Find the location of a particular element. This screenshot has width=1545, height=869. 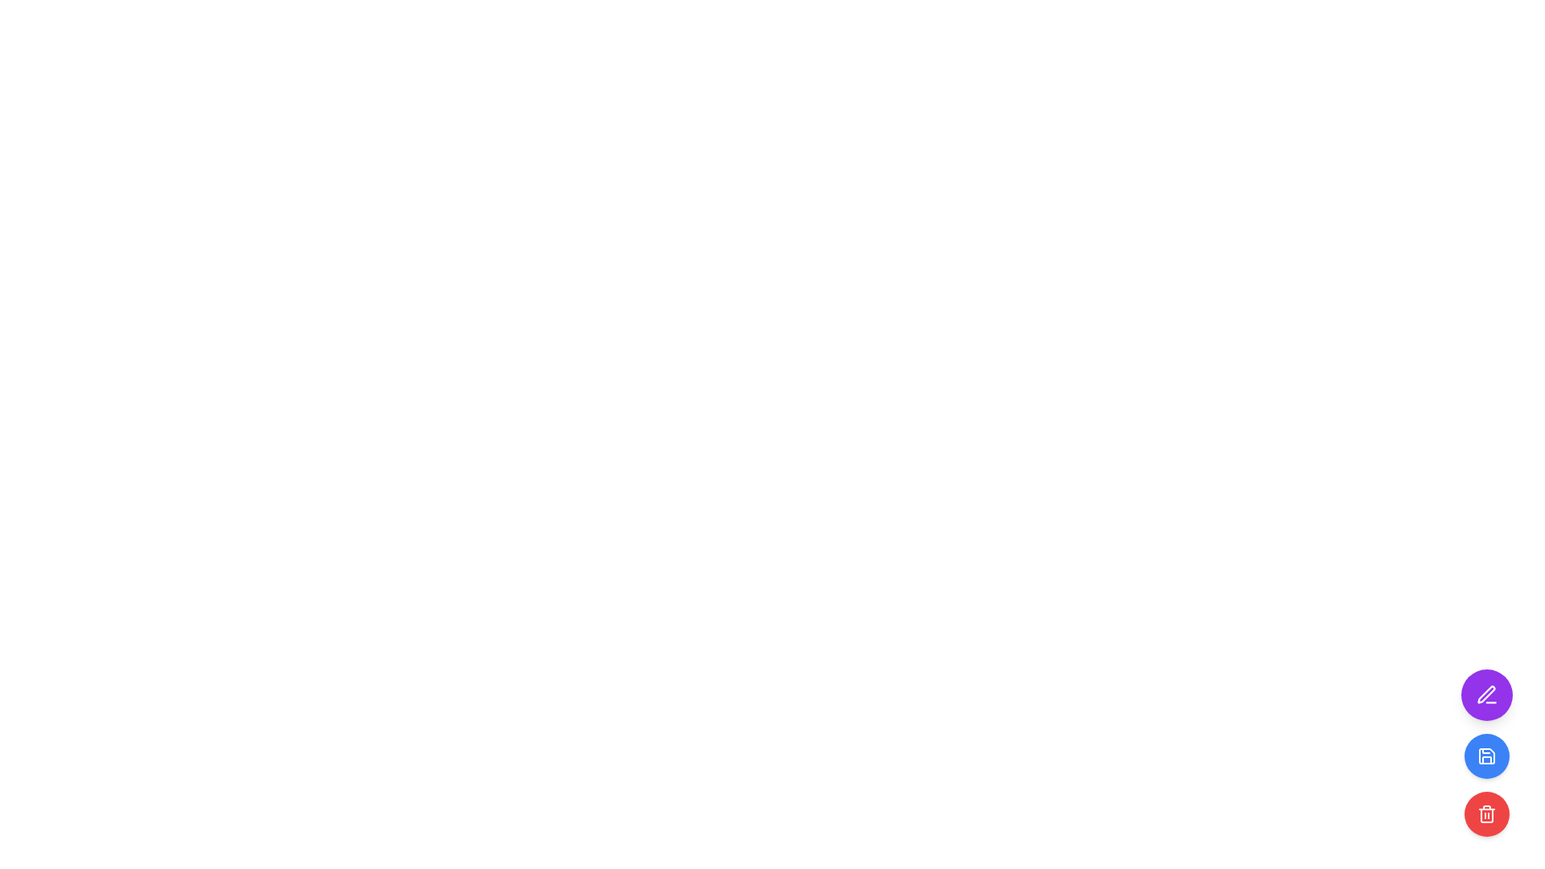

the circular save button located in the middle of a vertical stack of three buttons at the bottom-right corner of the interface is located at coordinates (1486, 753).